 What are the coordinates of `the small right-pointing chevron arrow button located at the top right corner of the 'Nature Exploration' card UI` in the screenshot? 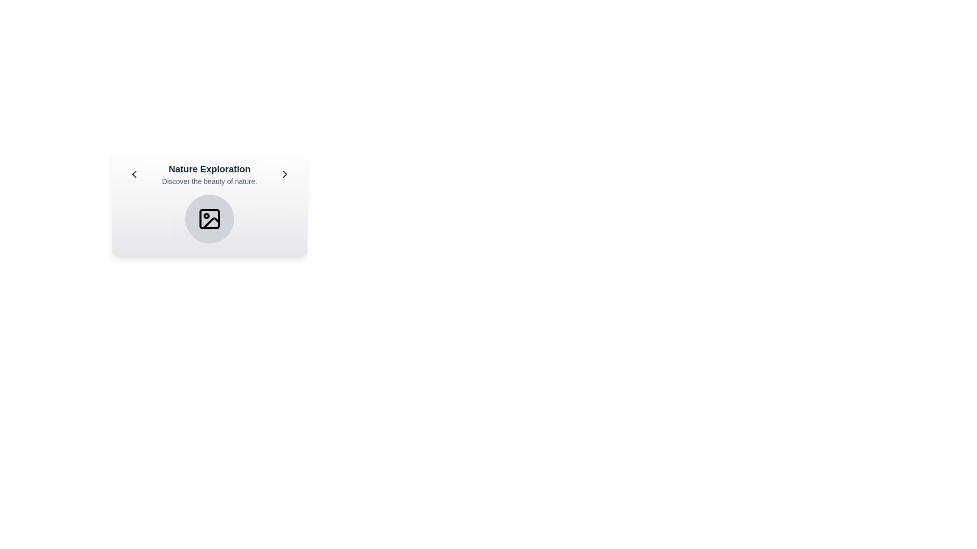 It's located at (285, 174).